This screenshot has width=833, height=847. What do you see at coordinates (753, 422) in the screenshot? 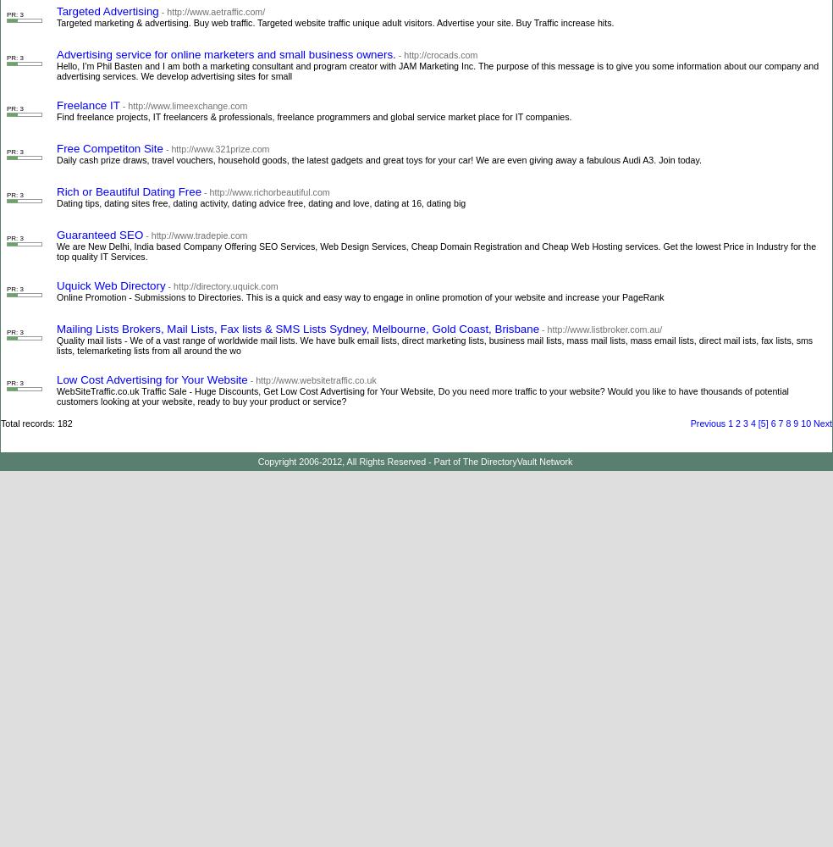
I see `'4'` at bounding box center [753, 422].